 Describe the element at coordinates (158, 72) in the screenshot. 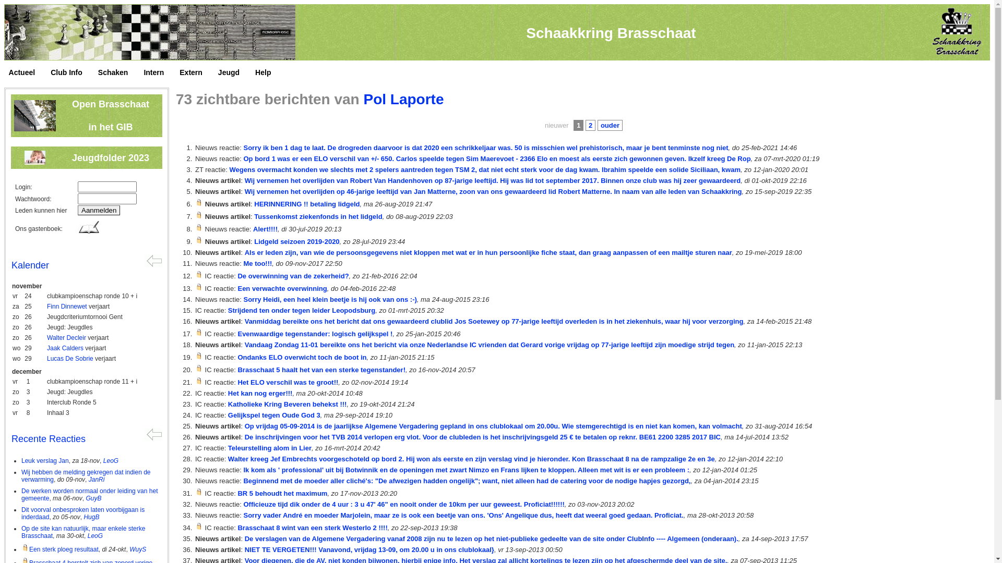

I see `'Intern'` at that location.